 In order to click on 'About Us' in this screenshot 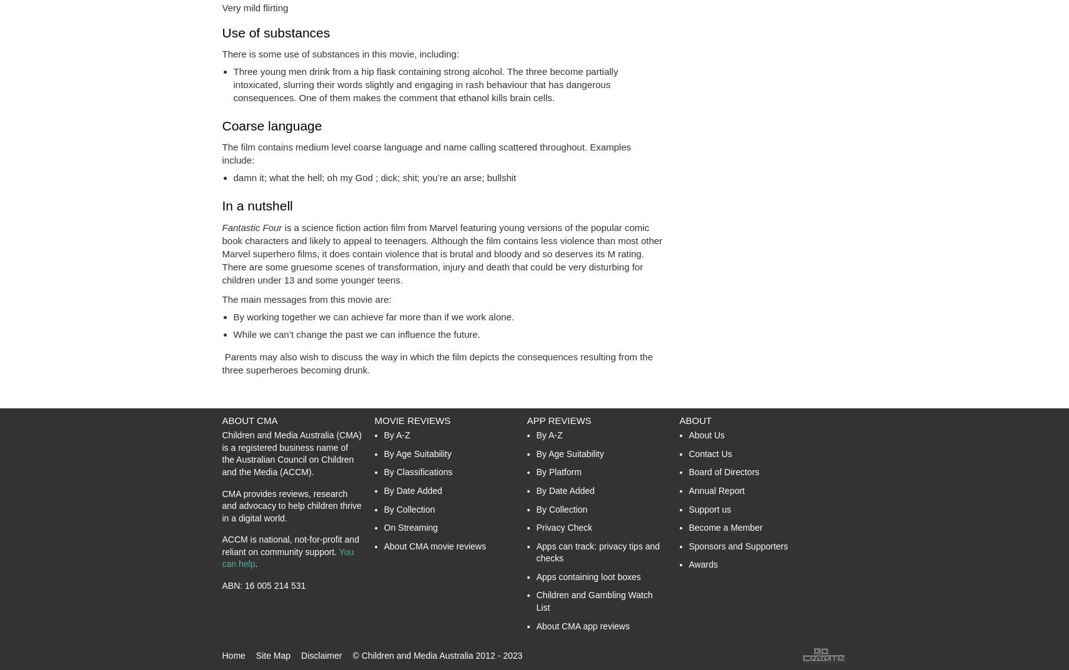, I will do `click(706, 435)`.